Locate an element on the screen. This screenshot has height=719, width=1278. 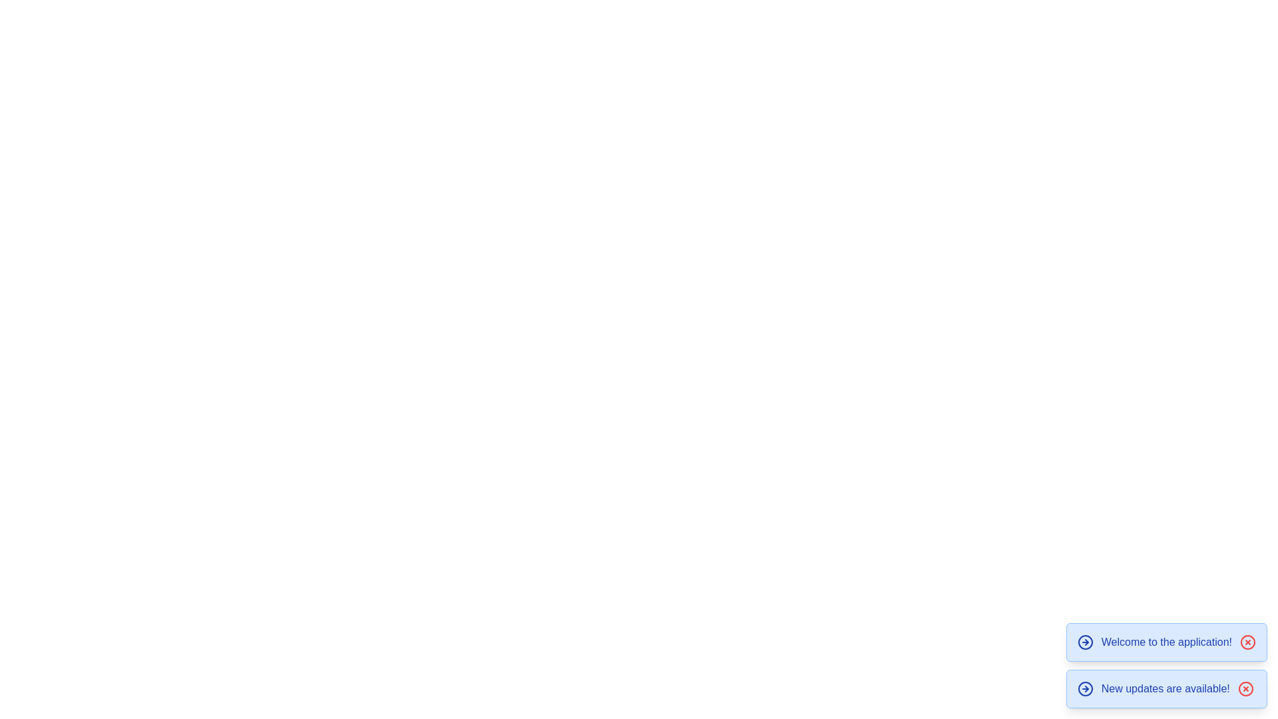
the circular part of the second notification's arrow icon located in the notification panel at the bottom-right corner of the interface is located at coordinates (1085, 688).